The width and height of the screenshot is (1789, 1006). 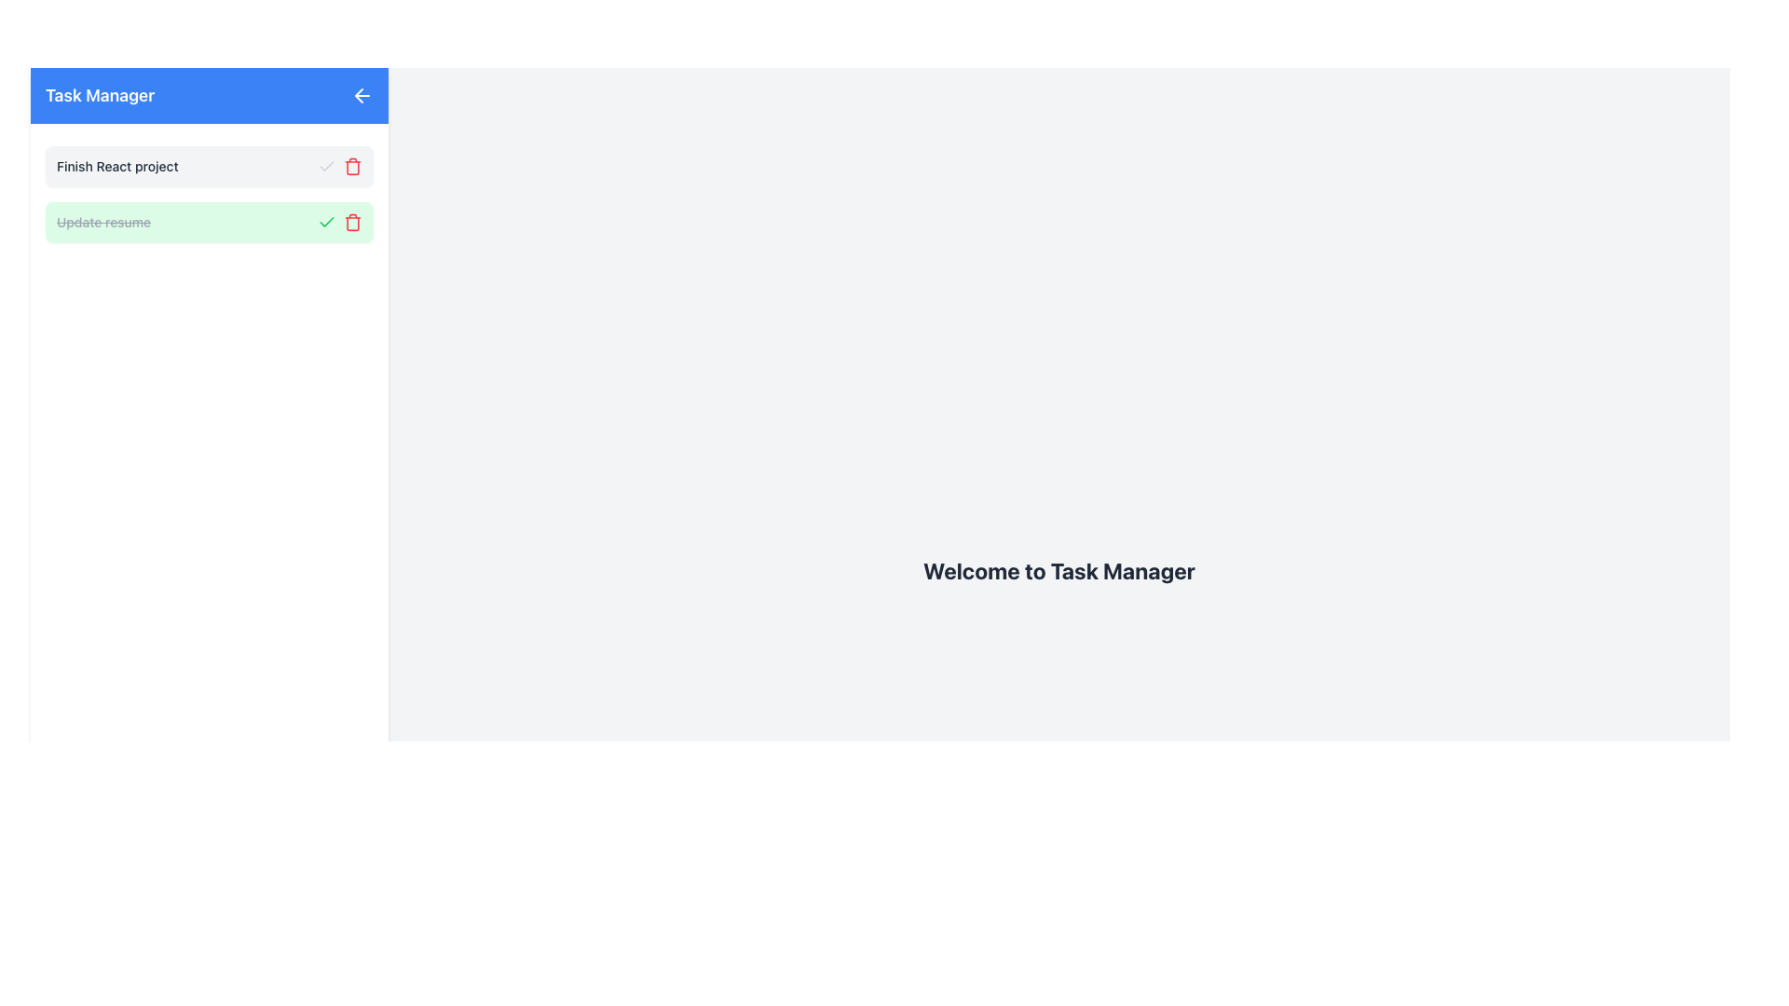 I want to click on the trash icon component, which resembles a trash bin with a rectangular body and curved lid, located to the right of a task item, so click(x=353, y=168).